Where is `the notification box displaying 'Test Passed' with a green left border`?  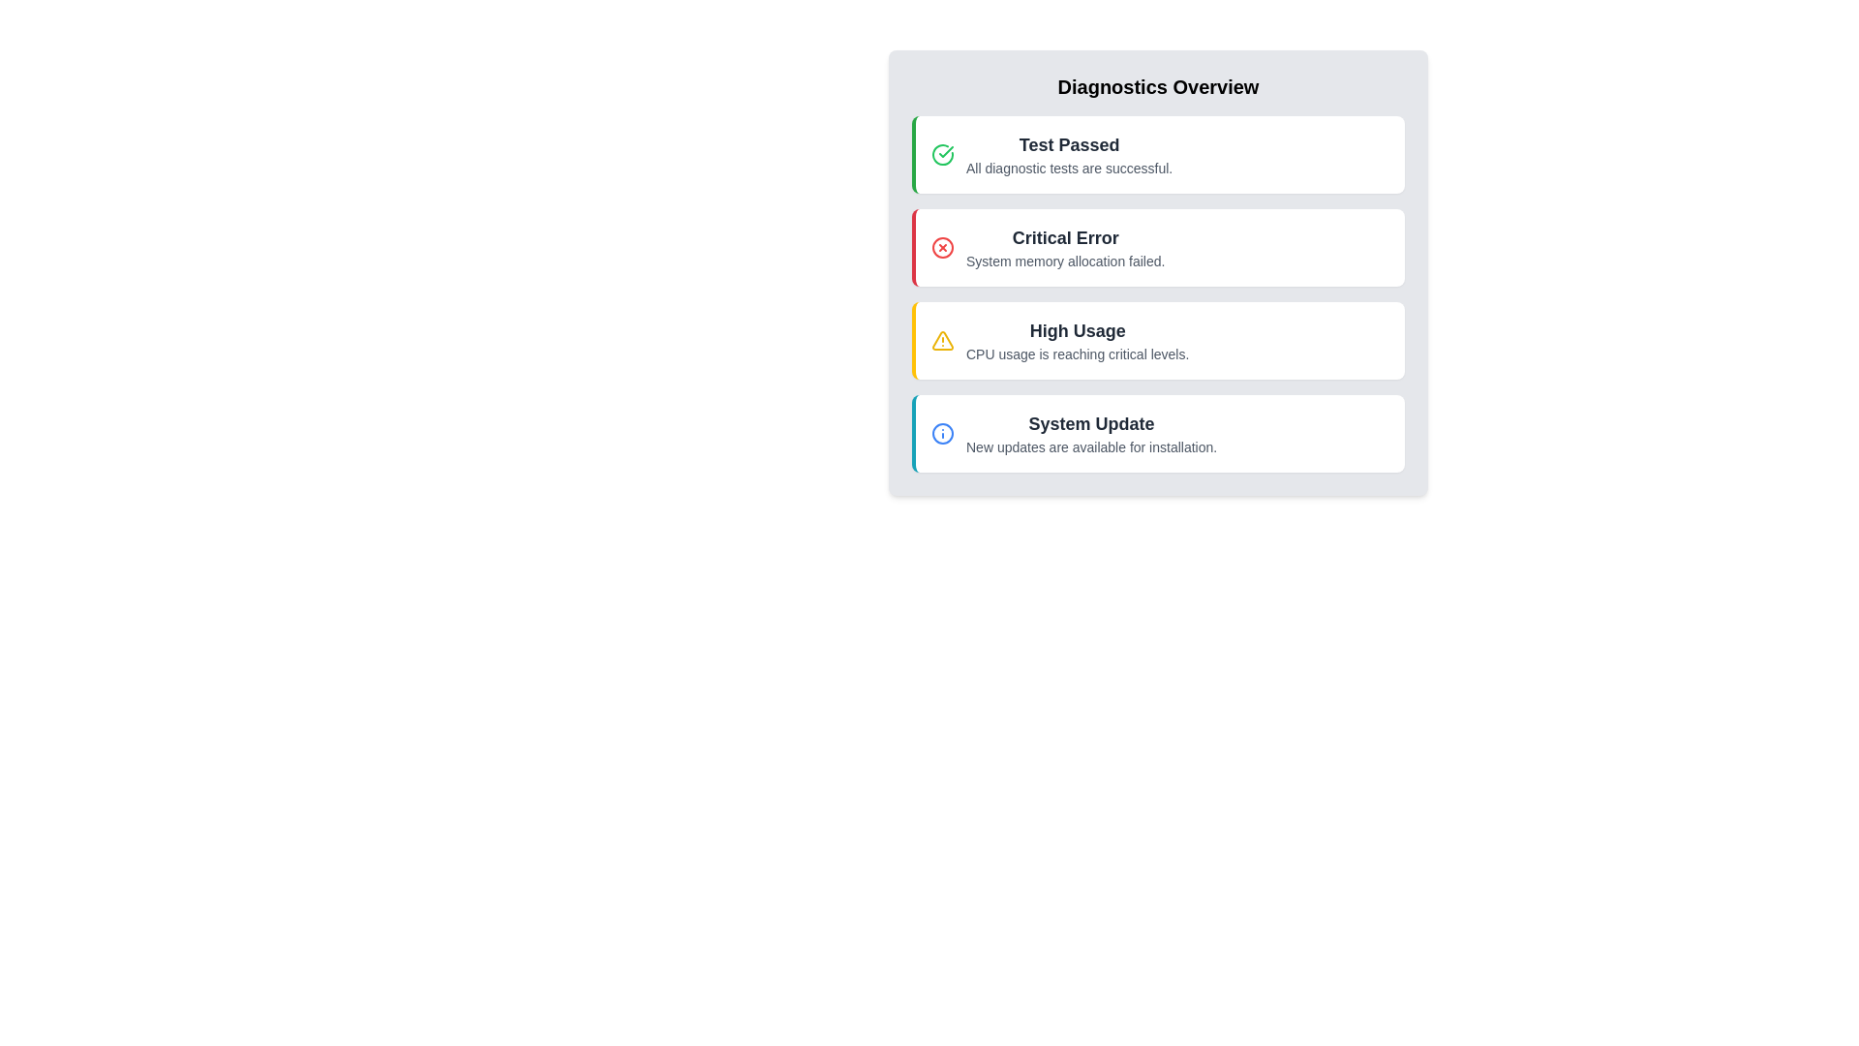
the notification box displaying 'Test Passed' with a green left border is located at coordinates (1158, 153).